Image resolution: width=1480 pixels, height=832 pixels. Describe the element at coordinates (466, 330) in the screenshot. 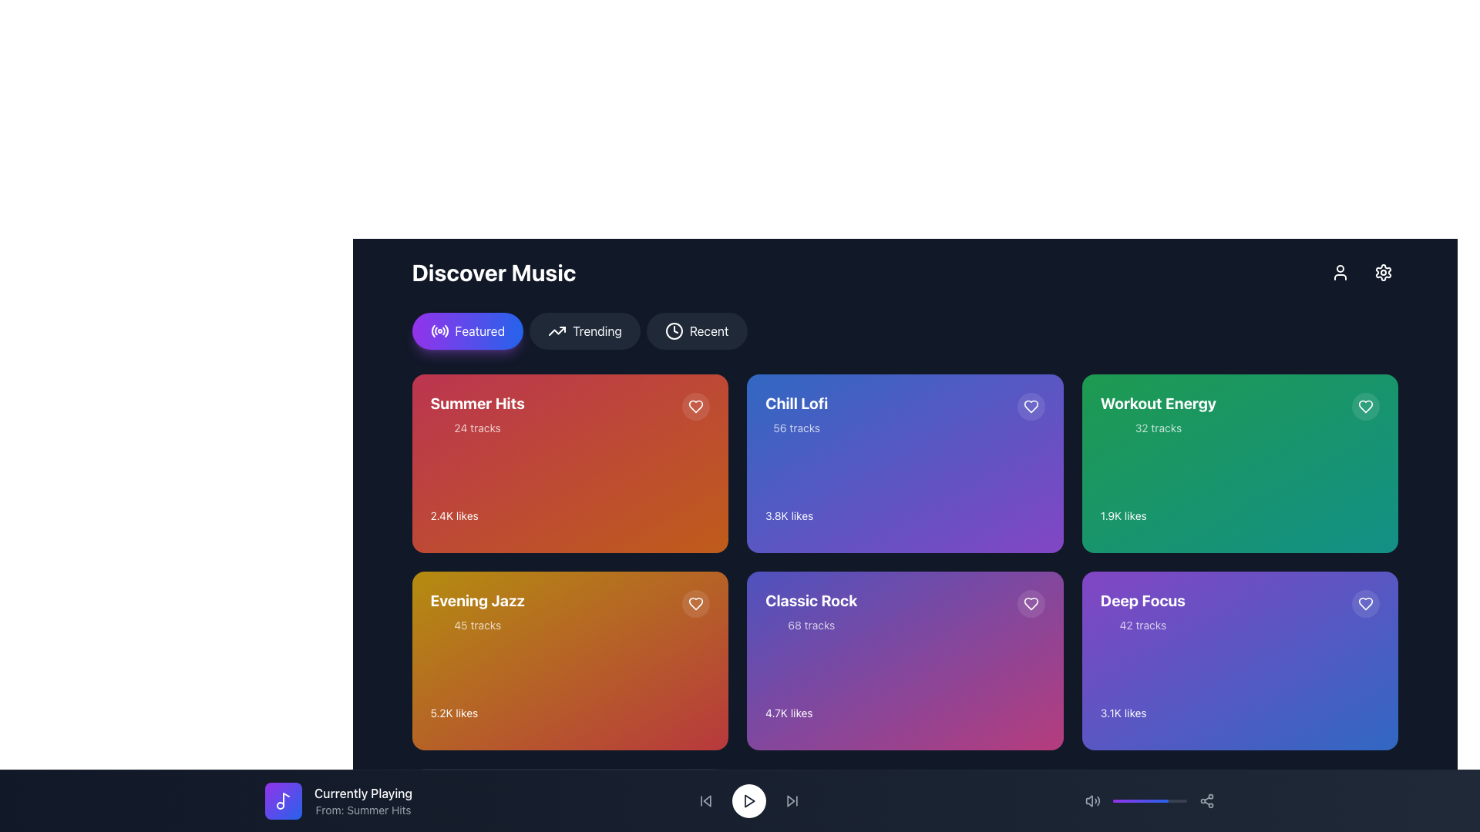

I see `the 'Featured' button with a gradient background and rounded corners for keyboard navigation` at that location.